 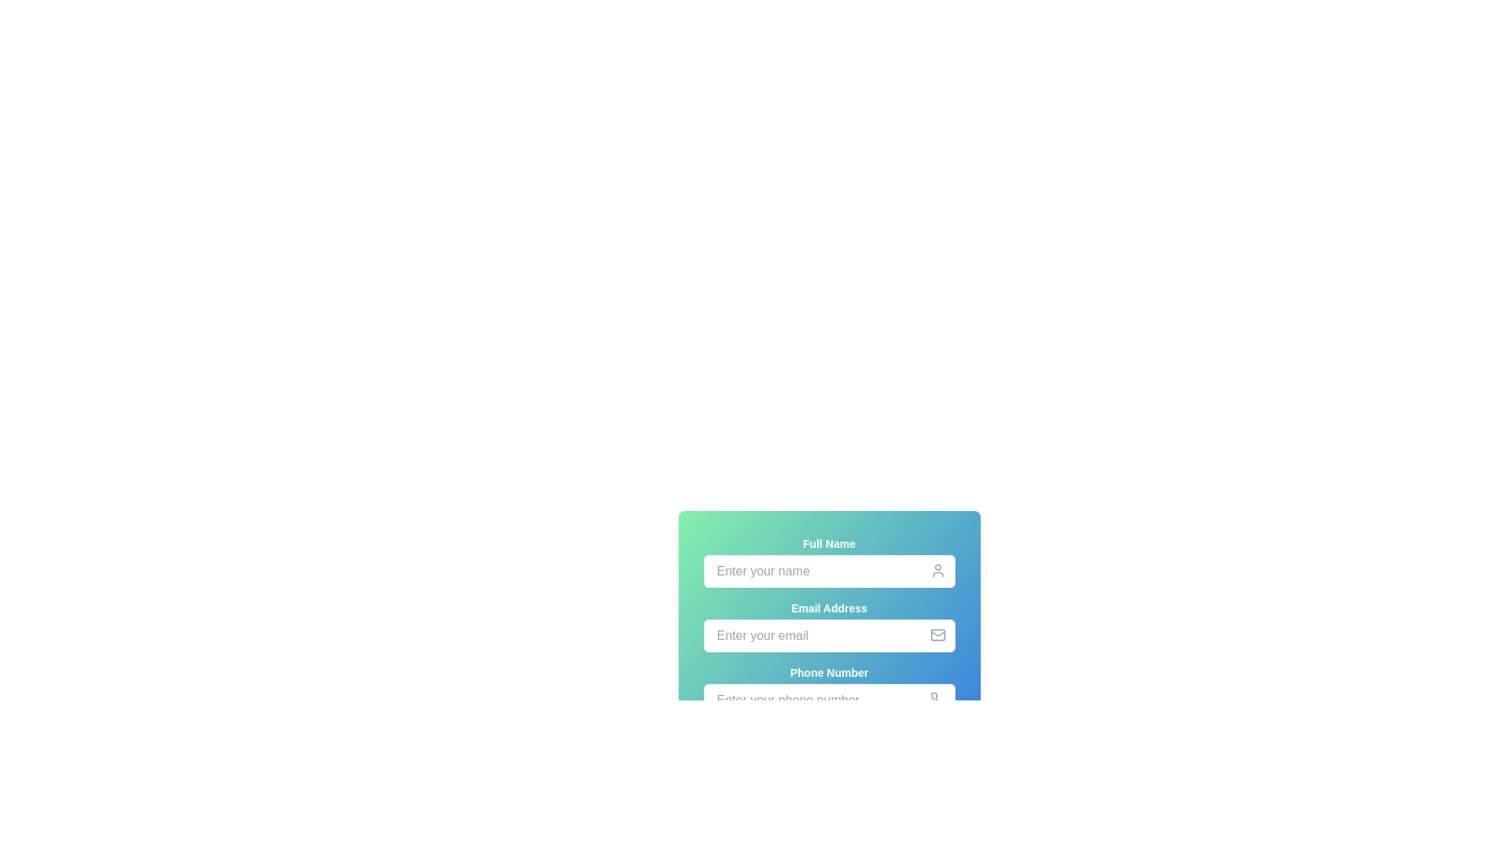 I want to click on the label that provides context for the input field expecting the user's phone number, located below the 'Full Name' and 'Email Address' labels, so click(x=828, y=672).